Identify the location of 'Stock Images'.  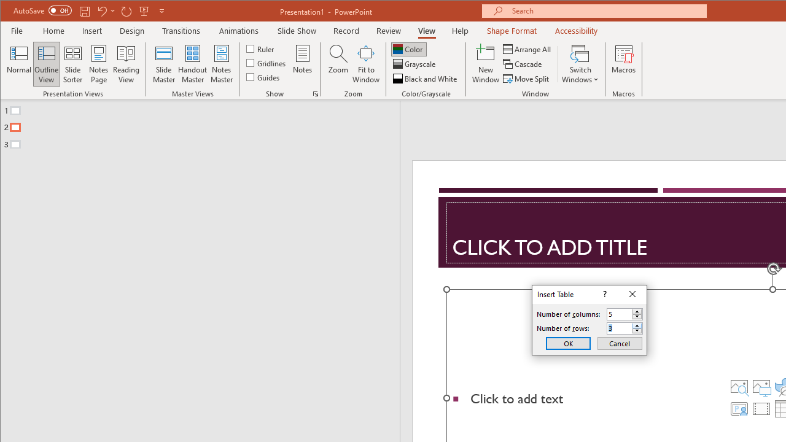
(738, 387).